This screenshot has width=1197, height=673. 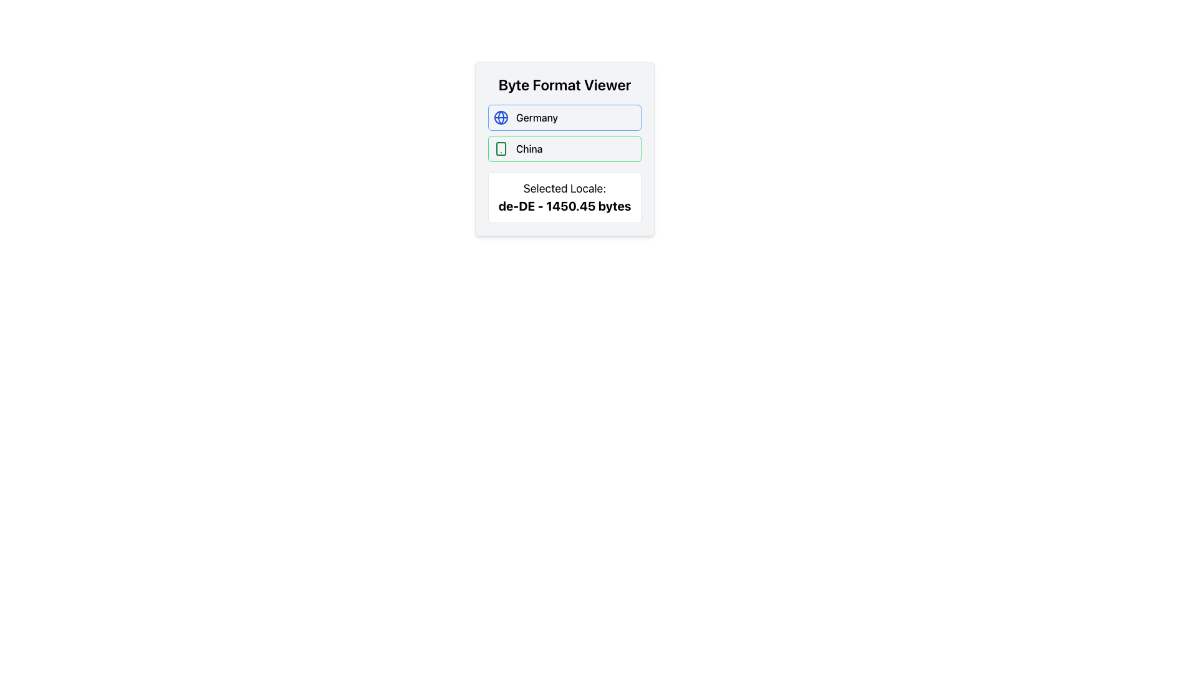 I want to click on the icon indicating compatibility or features related to smartphones located to the left of the text 'China', so click(x=501, y=148).